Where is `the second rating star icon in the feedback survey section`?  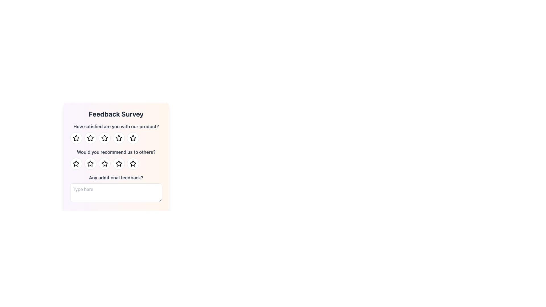 the second rating star icon in the feedback survey section is located at coordinates (90, 138).